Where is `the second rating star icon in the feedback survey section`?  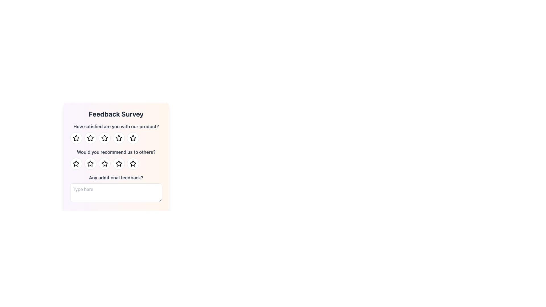 the second rating star icon in the feedback survey section is located at coordinates (90, 138).